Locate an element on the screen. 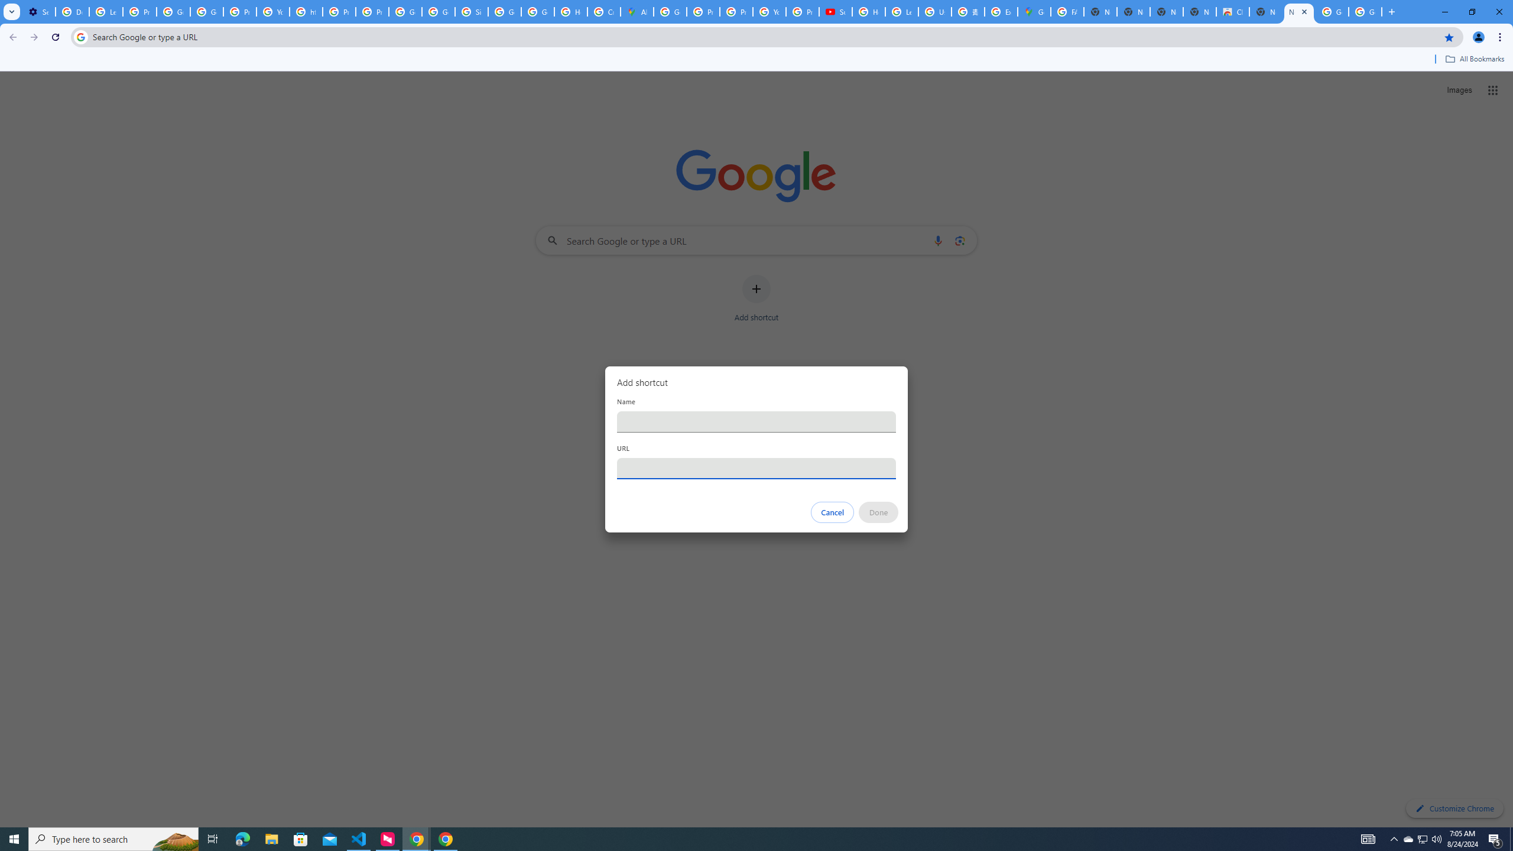  'Settings - Performance' is located at coordinates (38, 11).